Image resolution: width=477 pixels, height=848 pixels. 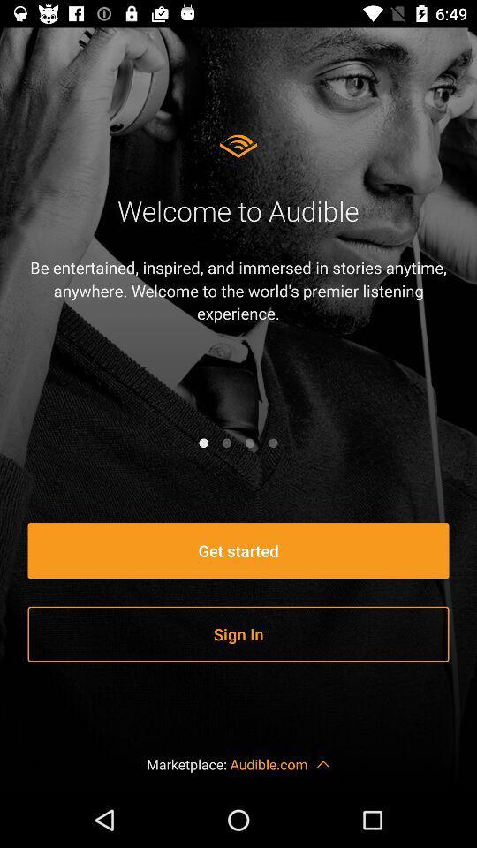 I want to click on icon below the get started item, so click(x=238, y=634).